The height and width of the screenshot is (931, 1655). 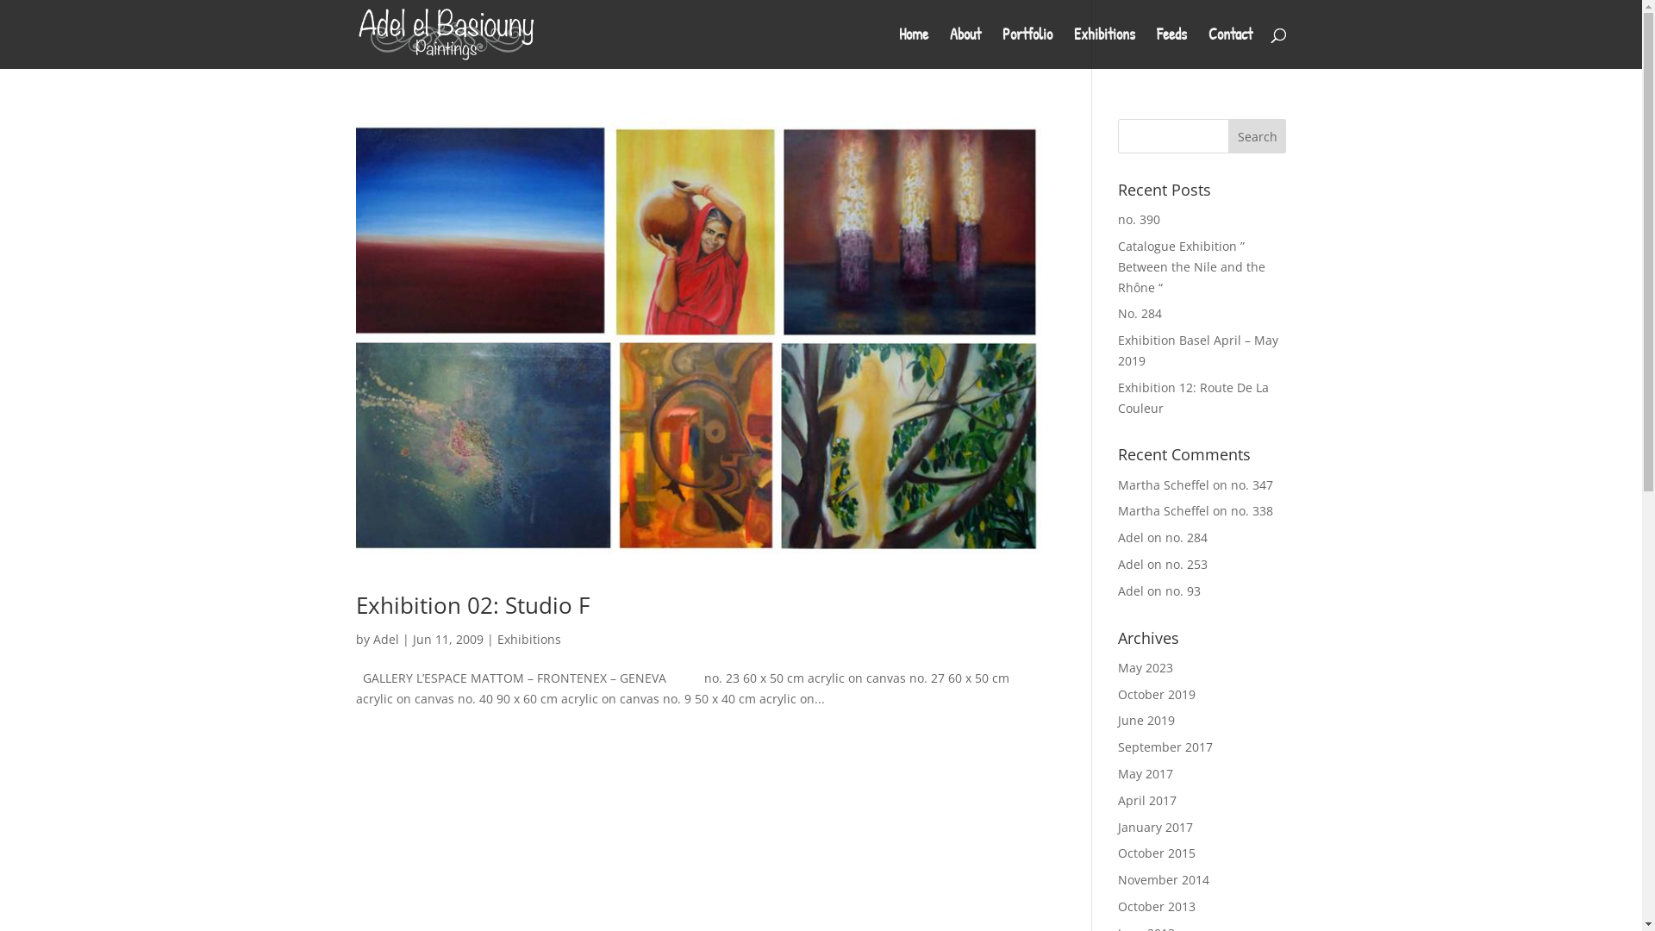 I want to click on 'no. 338', so click(x=1252, y=509).